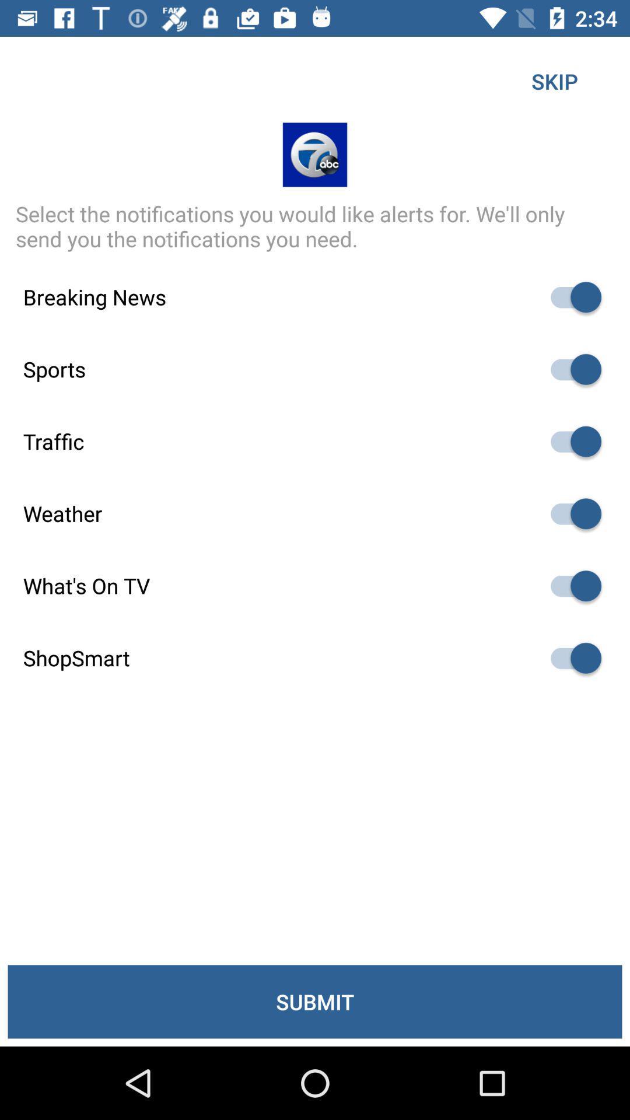 The height and width of the screenshot is (1120, 630). What do you see at coordinates (570, 297) in the screenshot?
I see `on/off option` at bounding box center [570, 297].